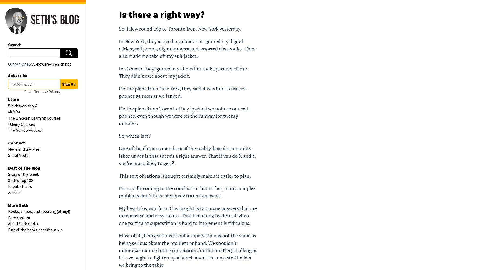 The image size is (500, 270). What do you see at coordinates (185, 175) in the screenshot?
I see `'This sort of rational thought certainly makes it easier to plan.'` at bounding box center [185, 175].